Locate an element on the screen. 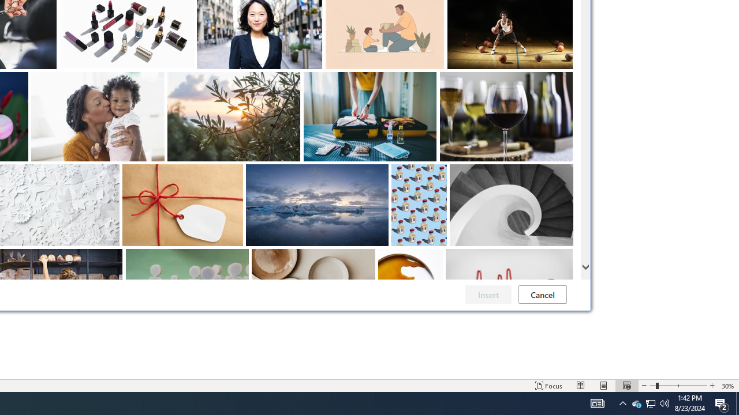 This screenshot has height=415, width=739. 'Show desktop' is located at coordinates (737, 402).